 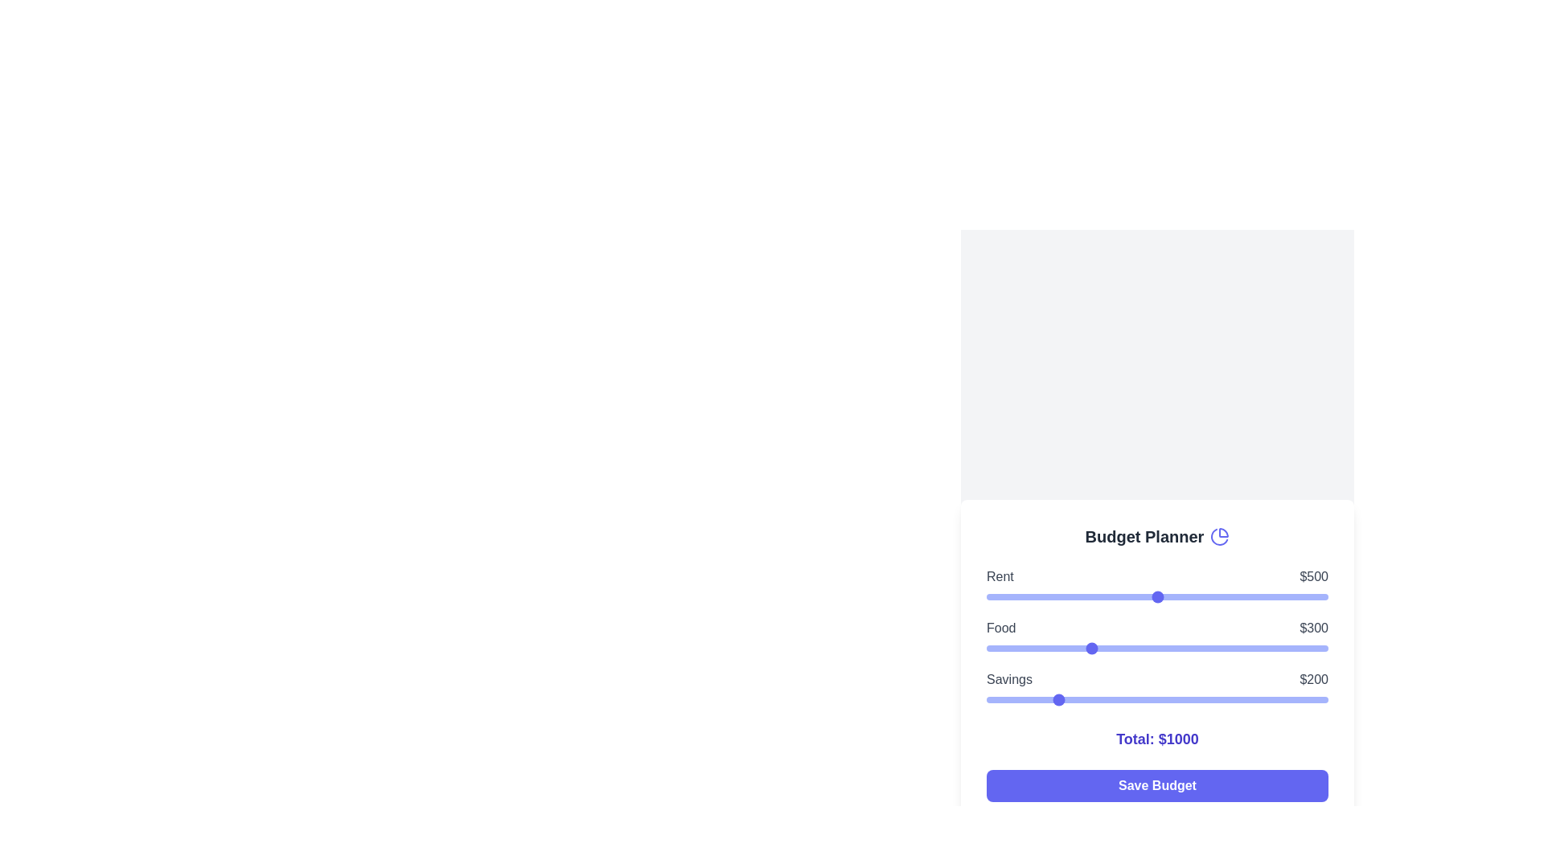 What do you see at coordinates (1261, 647) in the screenshot?
I see `the food budget slider to 806 dollars` at bounding box center [1261, 647].